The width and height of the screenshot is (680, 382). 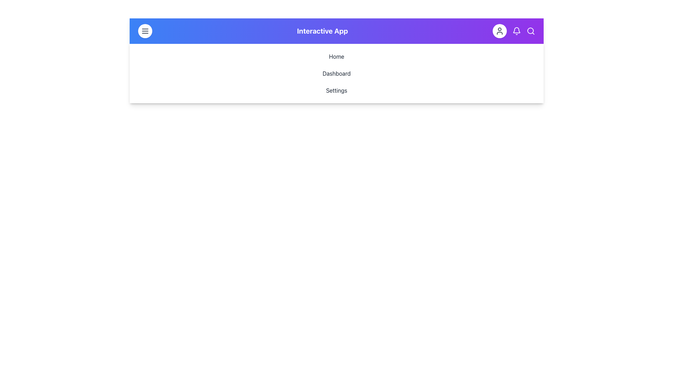 What do you see at coordinates (144, 31) in the screenshot?
I see `the circular button with a white background and a triple-line icon in dark gray` at bounding box center [144, 31].